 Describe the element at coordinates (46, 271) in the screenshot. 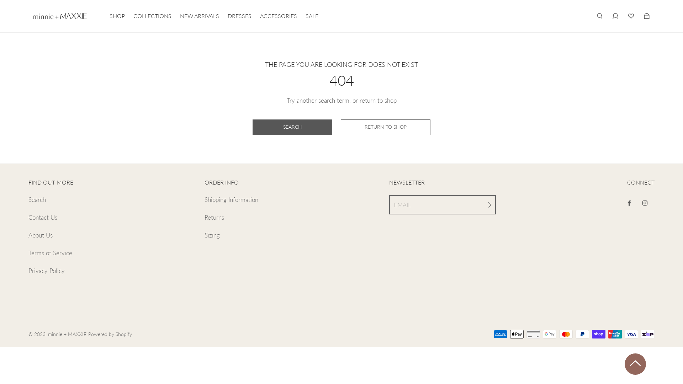

I see `'Privacy Policy'` at that location.